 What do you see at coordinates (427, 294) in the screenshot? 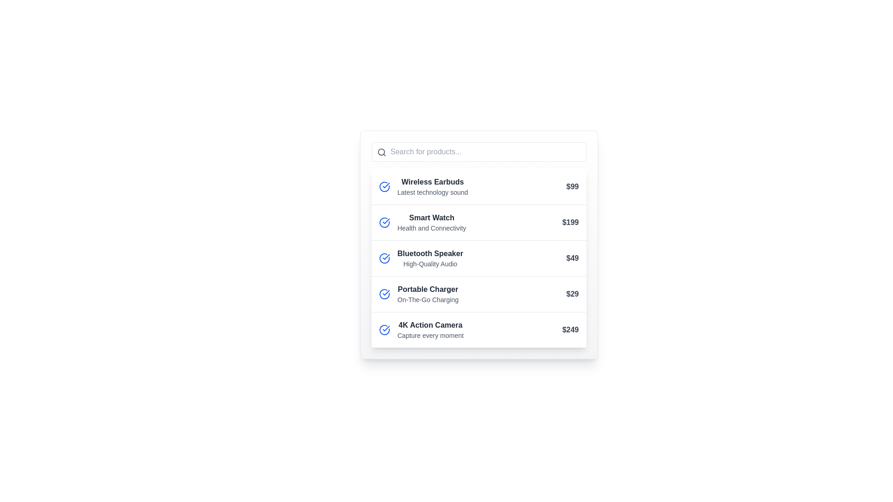
I see `text content of the multi-line Text block that displays the name 'Portable Charger' and the description 'On-The-Go Charging', specifically located as the fourth item in the list on the middle-right section of the interface` at bounding box center [427, 294].